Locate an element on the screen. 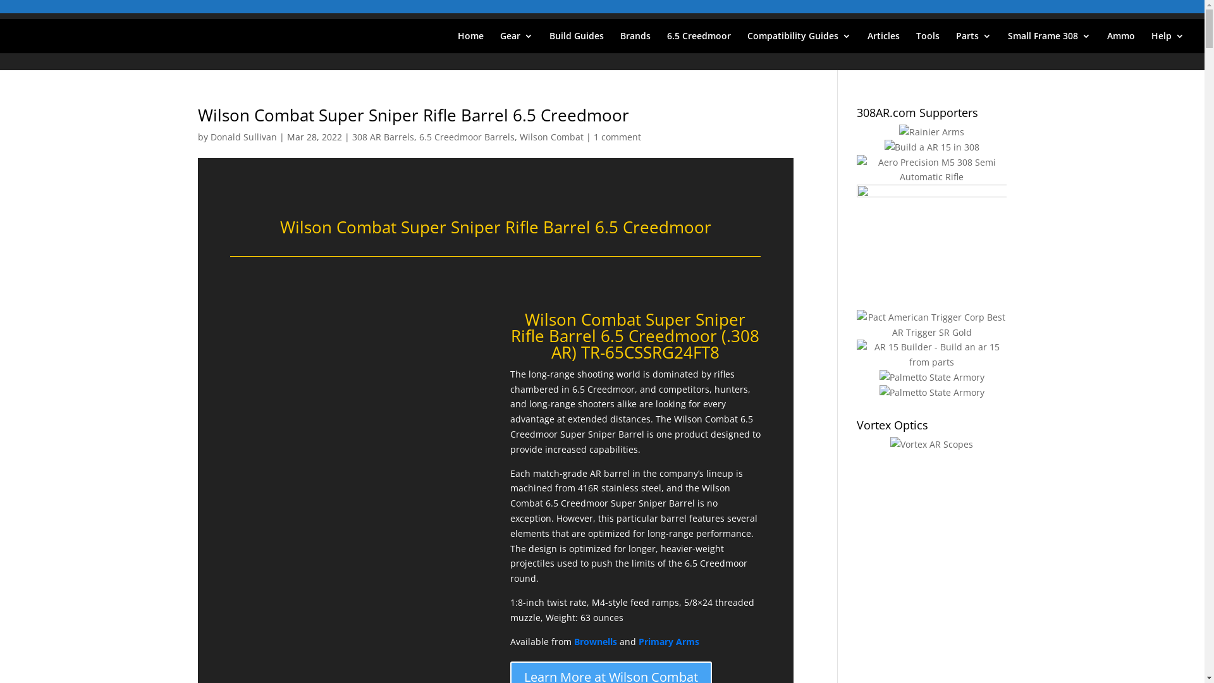 Image resolution: width=1214 pixels, height=683 pixels. 'Small Frame 308' is located at coordinates (1049, 41).